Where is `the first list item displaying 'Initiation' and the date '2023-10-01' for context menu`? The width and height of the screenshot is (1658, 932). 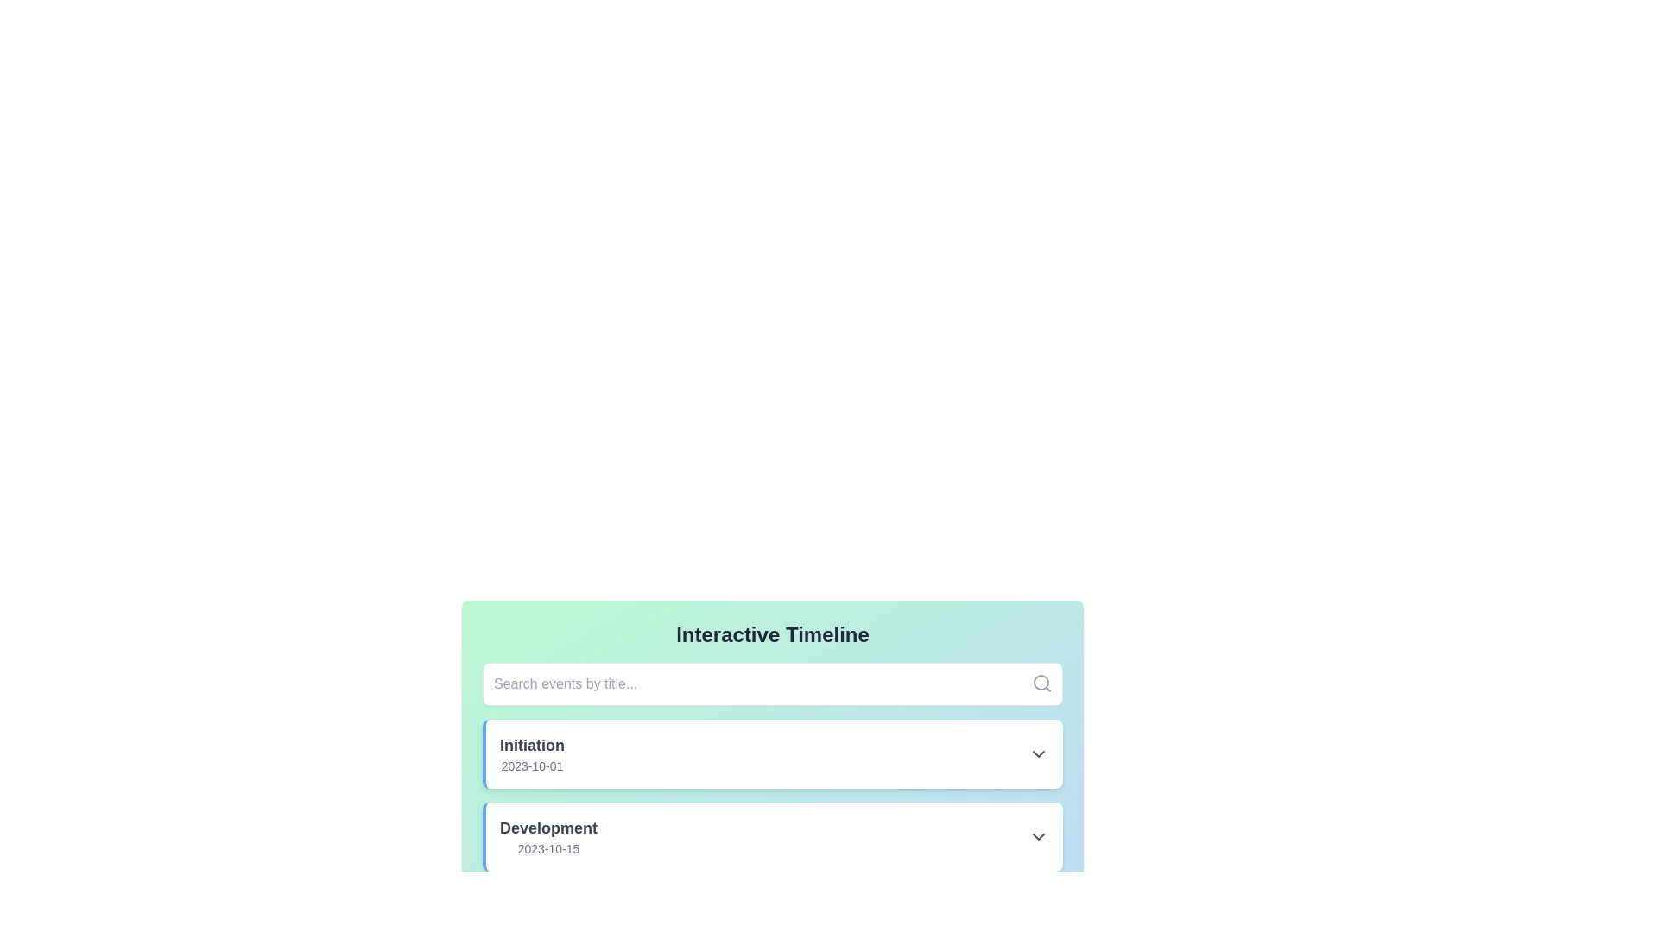 the first list item displaying 'Initiation' and the date '2023-10-01' for context menu is located at coordinates (771, 753).